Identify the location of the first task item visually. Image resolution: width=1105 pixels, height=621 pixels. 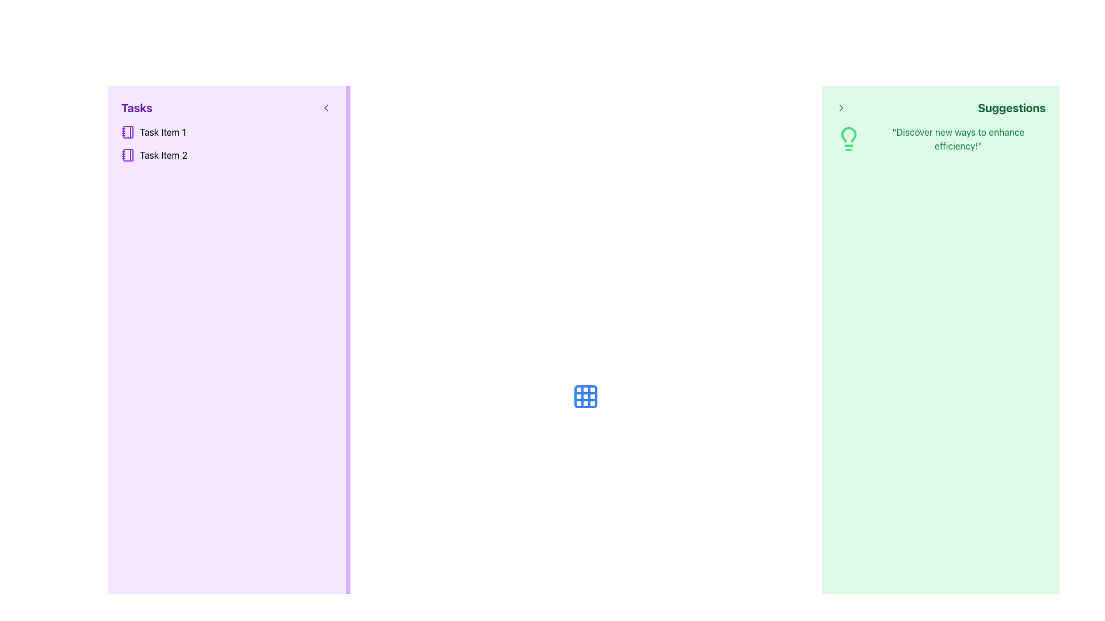
(128, 132).